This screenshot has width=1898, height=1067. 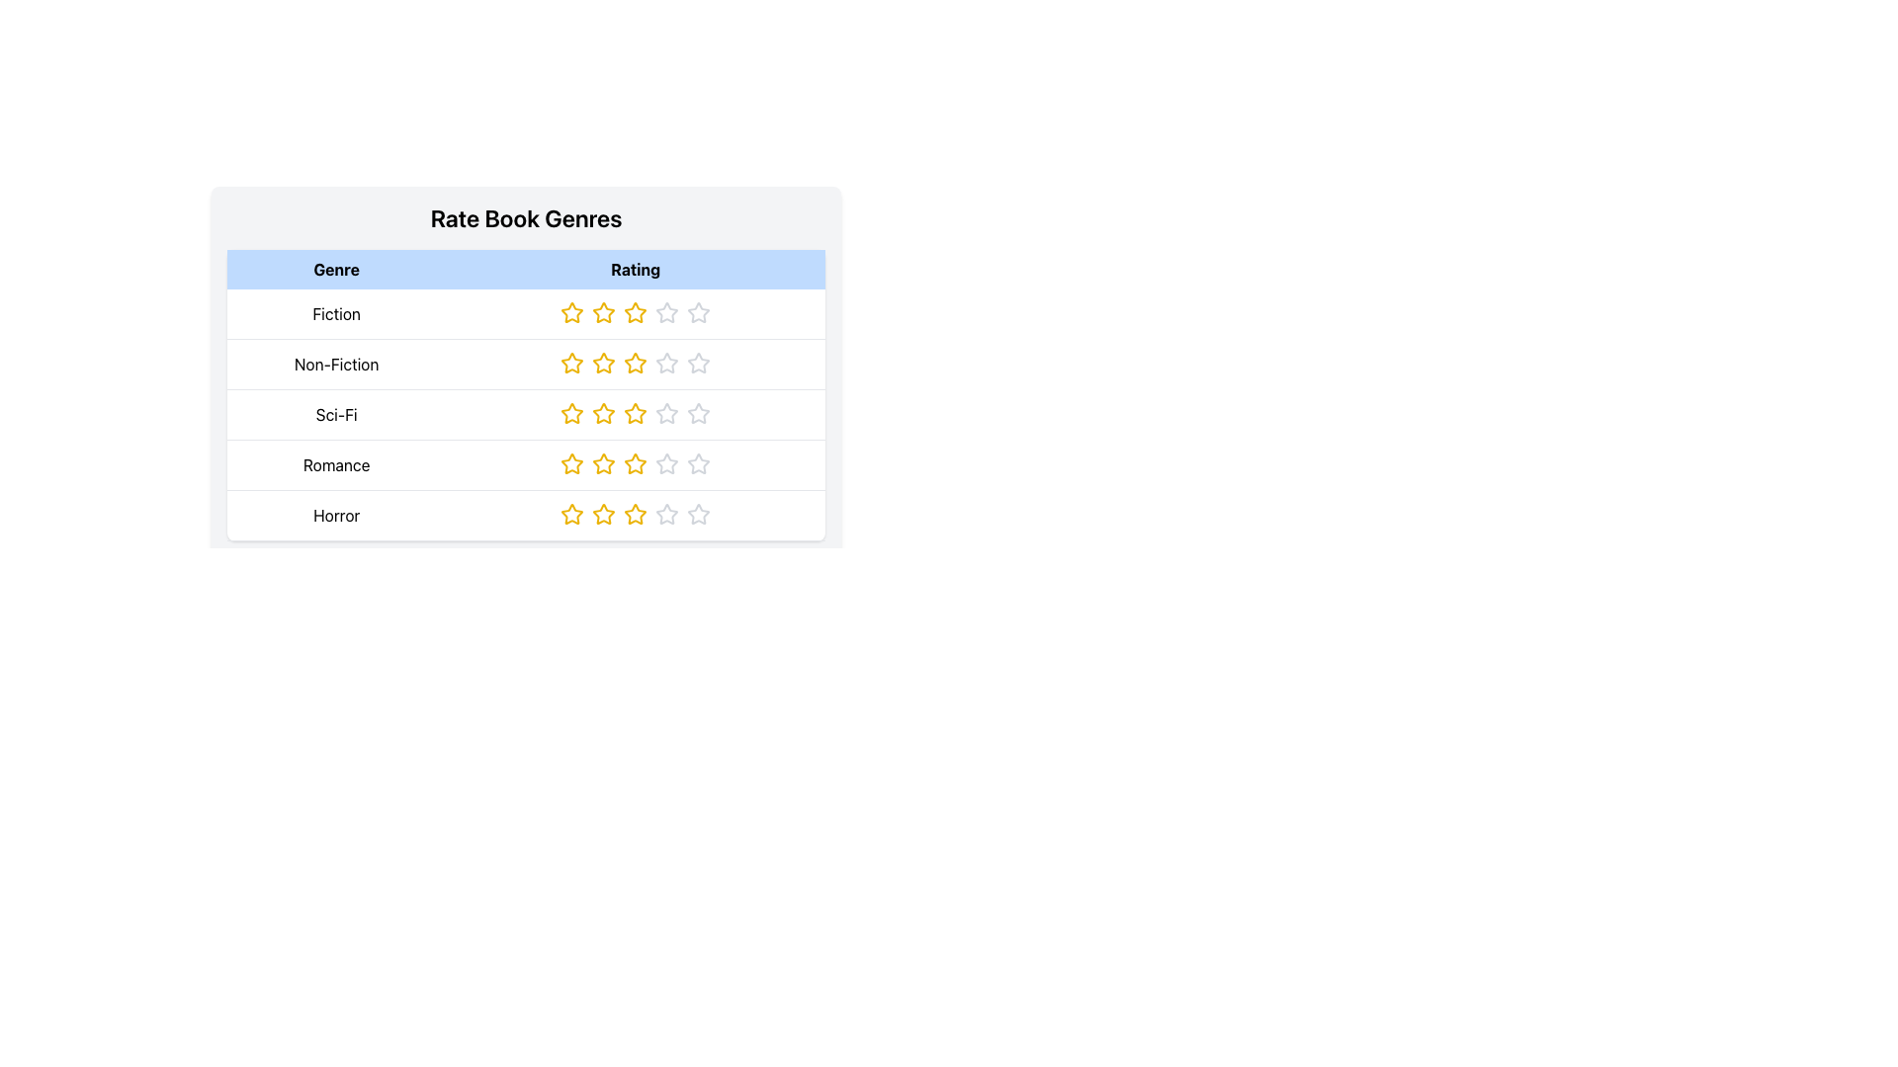 I want to click on the second star icon, so click(x=571, y=464).